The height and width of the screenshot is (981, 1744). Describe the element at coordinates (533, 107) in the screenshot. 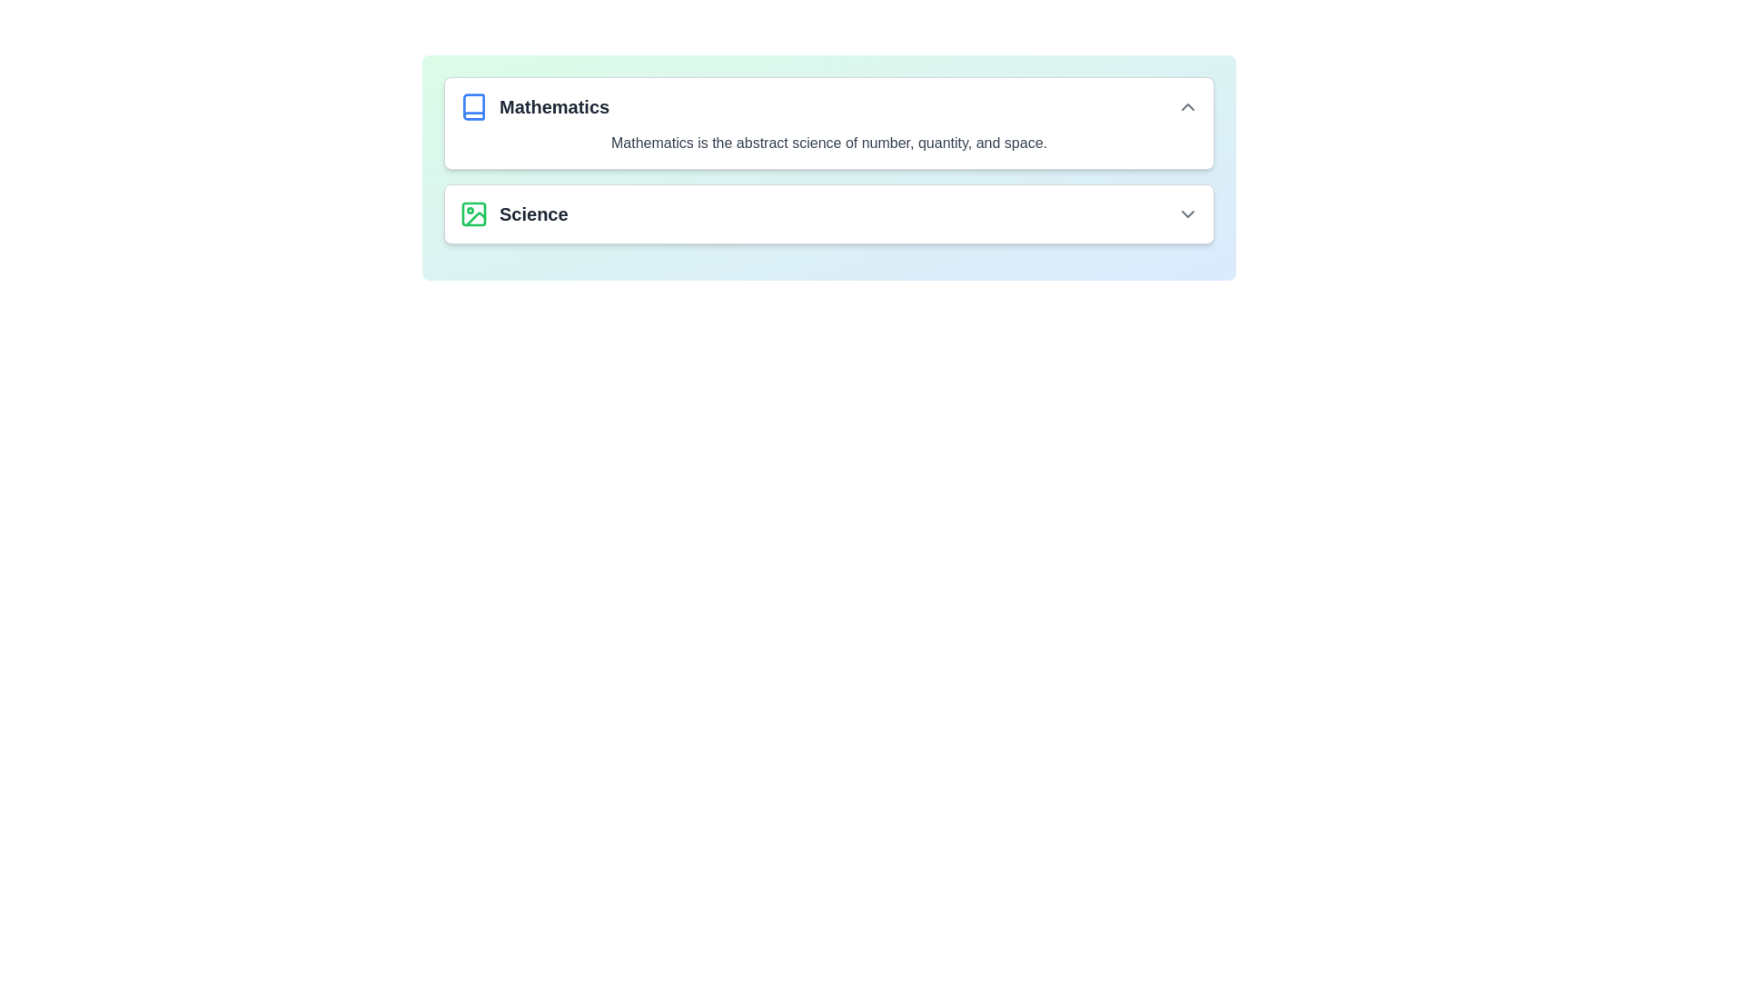

I see `the 'Mathematics' header text, which is a blue icon resembling a book on the left and bold, dark text on the right` at that location.